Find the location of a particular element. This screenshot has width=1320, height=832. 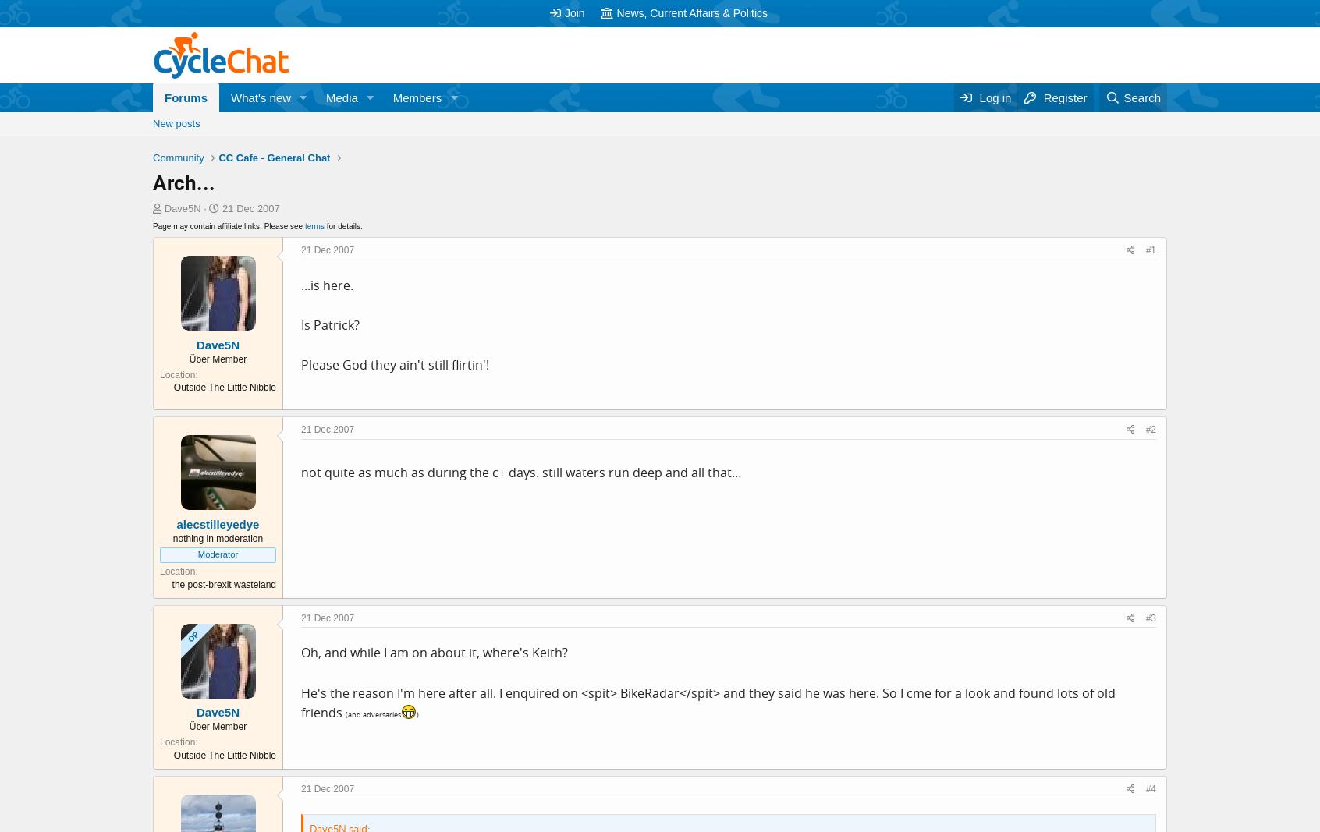

'Register' is located at coordinates (1064, 97).